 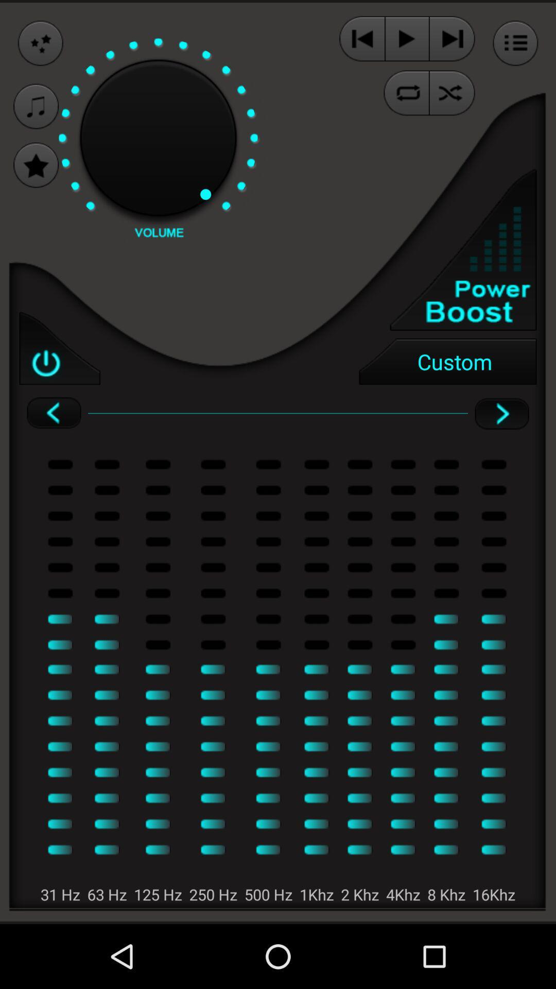 I want to click on the music icon, so click(x=36, y=114).